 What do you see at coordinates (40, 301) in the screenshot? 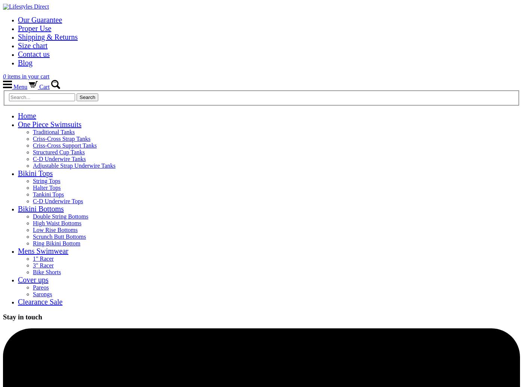
I see `'Clearance Sale'` at bounding box center [40, 301].